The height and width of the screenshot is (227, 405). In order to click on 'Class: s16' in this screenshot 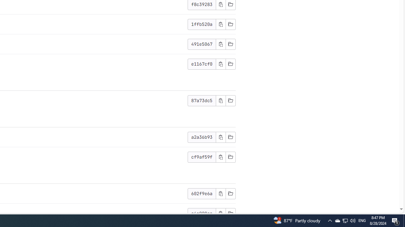, I will do `click(230, 213)`.